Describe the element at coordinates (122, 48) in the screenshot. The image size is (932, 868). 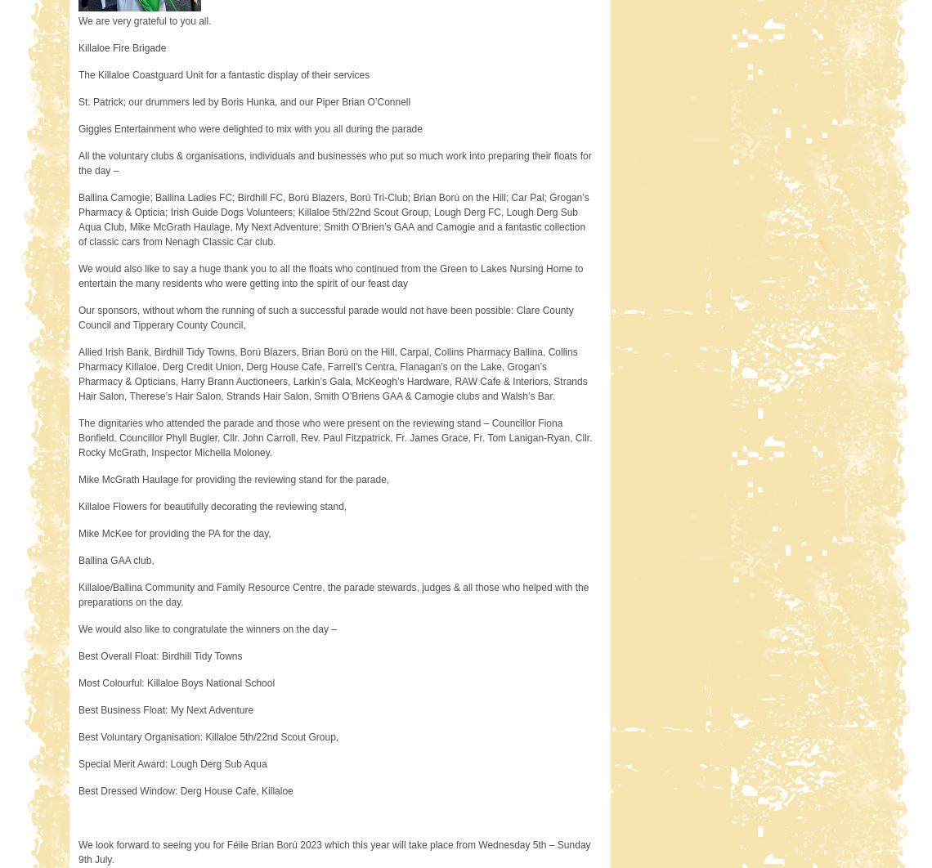
I see `'Killaloe Fire Brigade'` at that location.